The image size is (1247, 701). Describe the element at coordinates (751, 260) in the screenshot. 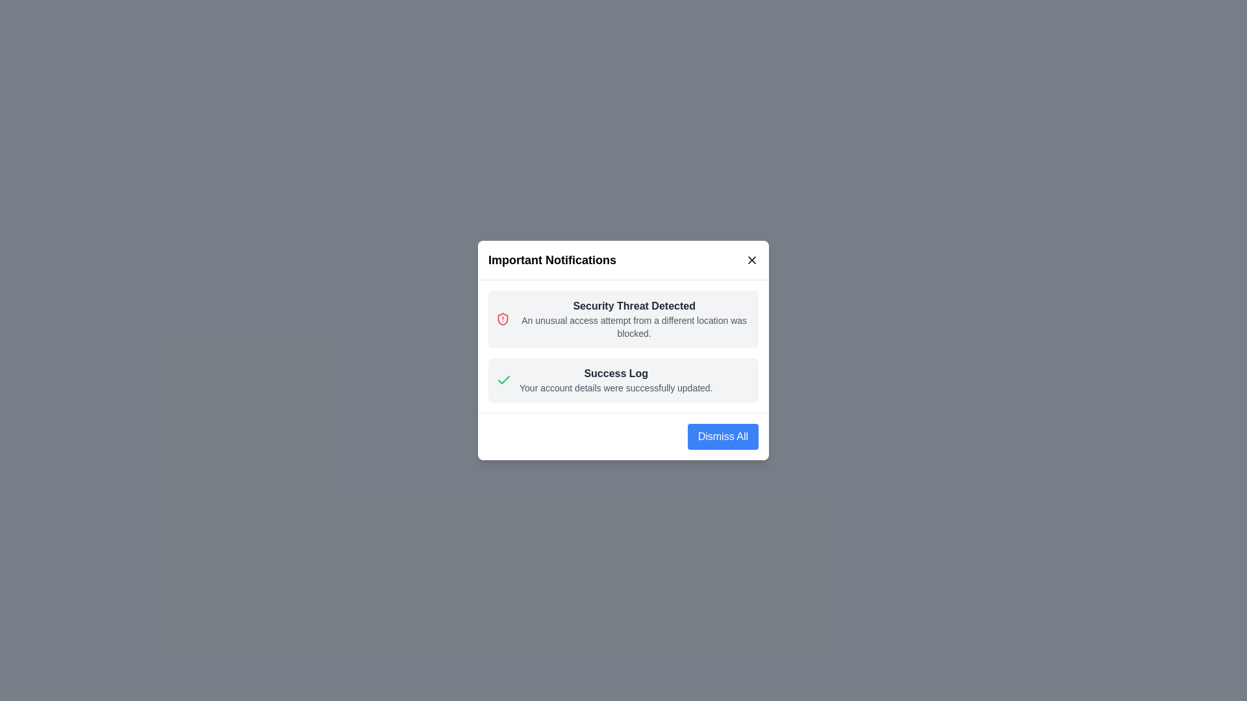

I see `the close button to close the notification popup` at that location.